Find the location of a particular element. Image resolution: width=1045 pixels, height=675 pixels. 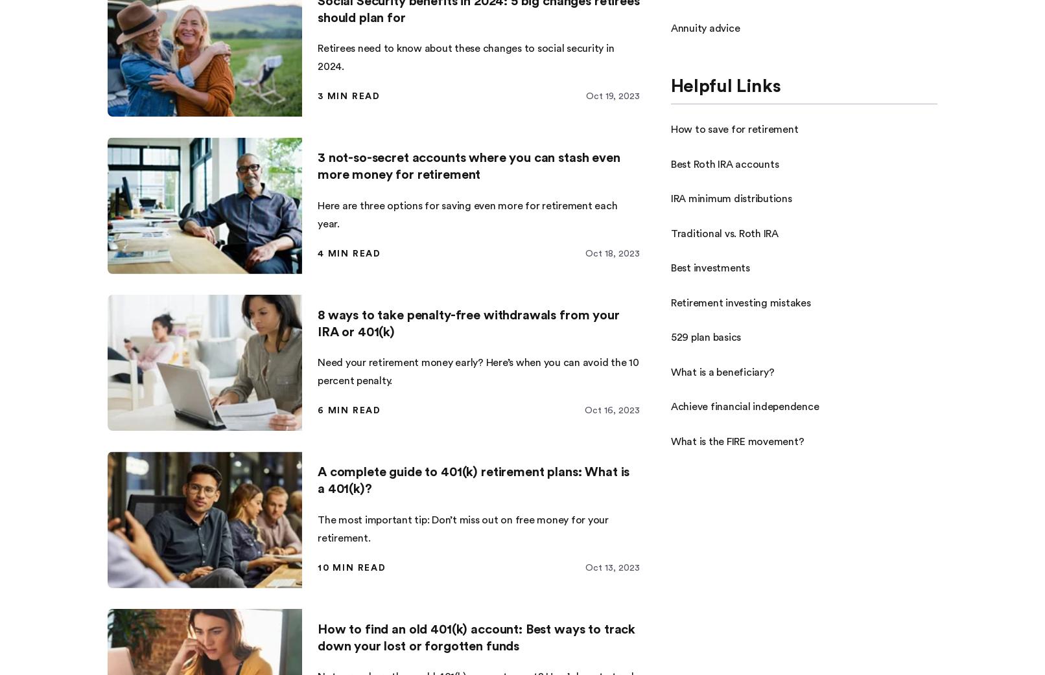

'529 plan basics' is located at coordinates (705, 337).